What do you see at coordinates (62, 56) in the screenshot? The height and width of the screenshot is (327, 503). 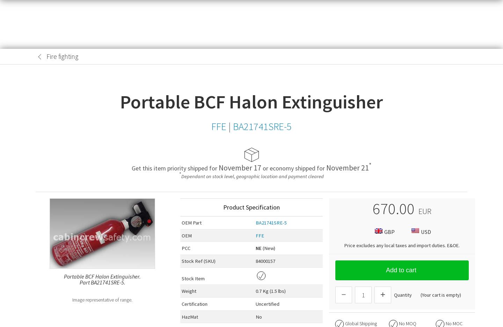 I see `'Fire fighting'` at bounding box center [62, 56].